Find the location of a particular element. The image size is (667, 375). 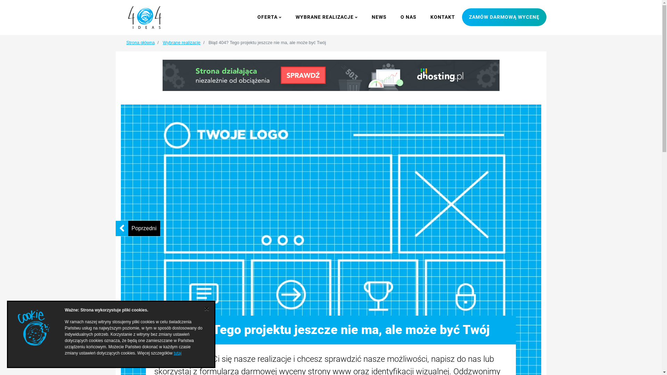

'WYBRANE REALIZACJE' is located at coordinates (326, 17).